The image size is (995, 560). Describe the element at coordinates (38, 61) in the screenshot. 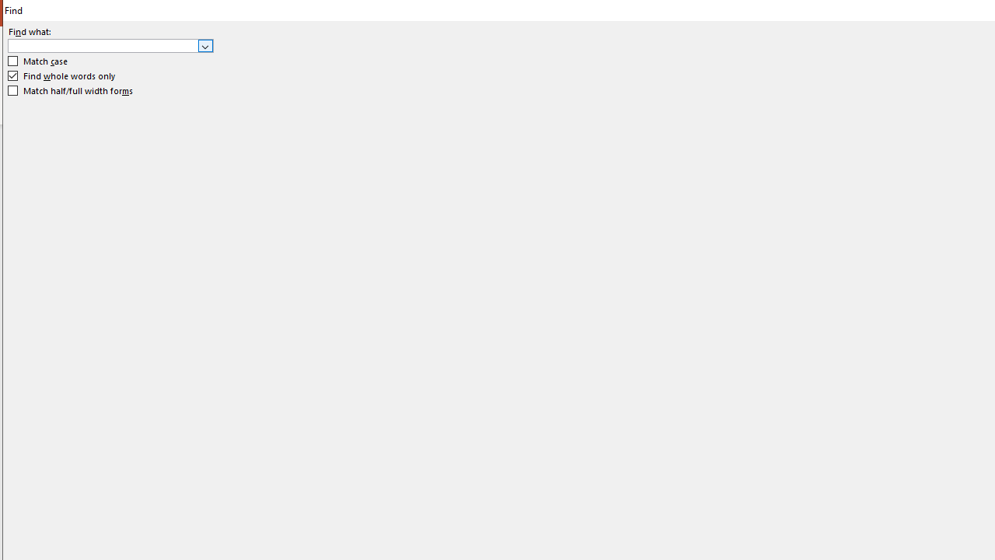

I see `'Match case'` at that location.